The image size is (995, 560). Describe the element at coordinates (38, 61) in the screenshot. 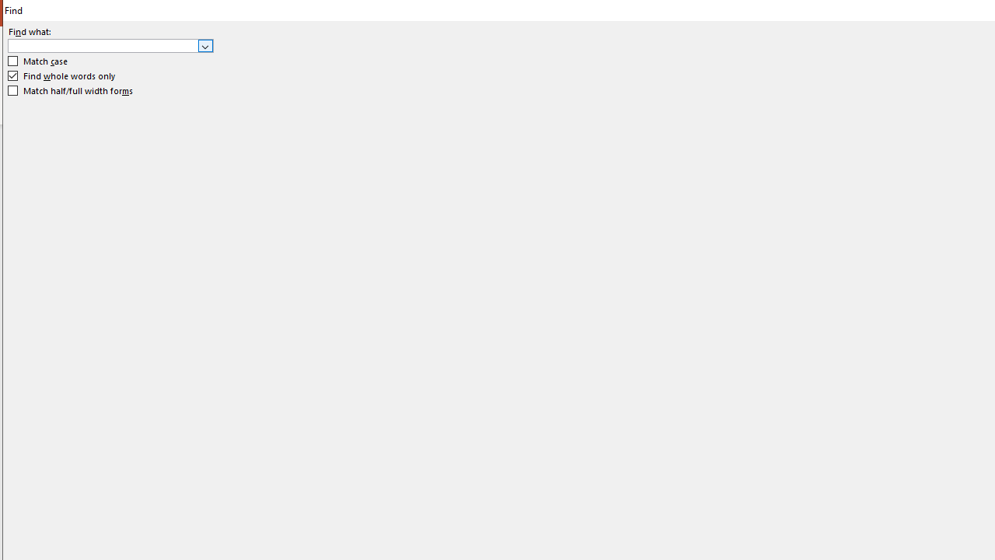

I see `'Match case'` at that location.